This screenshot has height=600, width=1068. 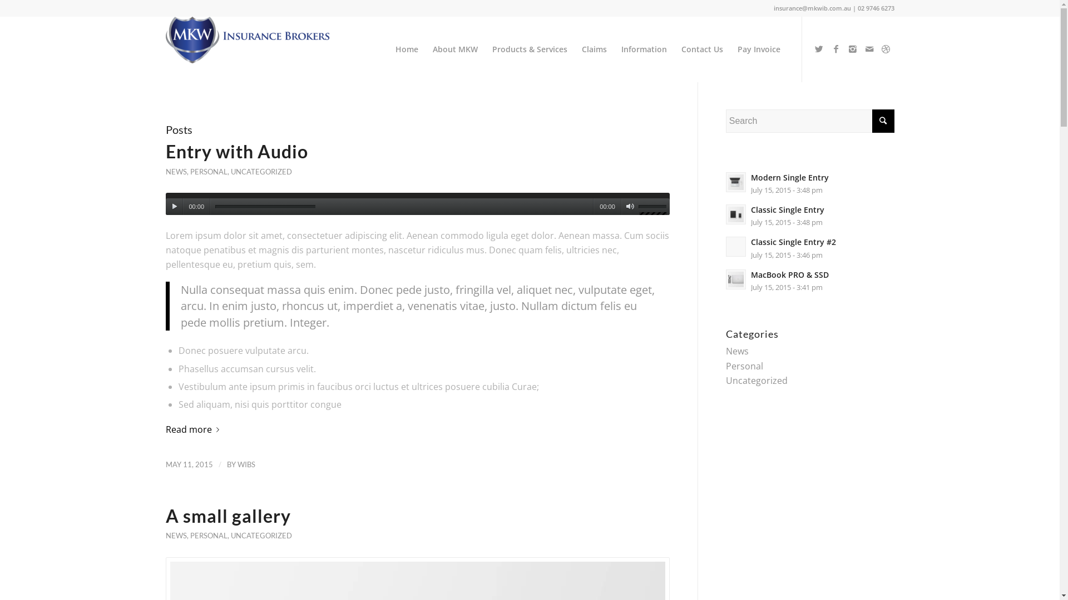 What do you see at coordinates (195, 428) in the screenshot?
I see `'Read more'` at bounding box center [195, 428].